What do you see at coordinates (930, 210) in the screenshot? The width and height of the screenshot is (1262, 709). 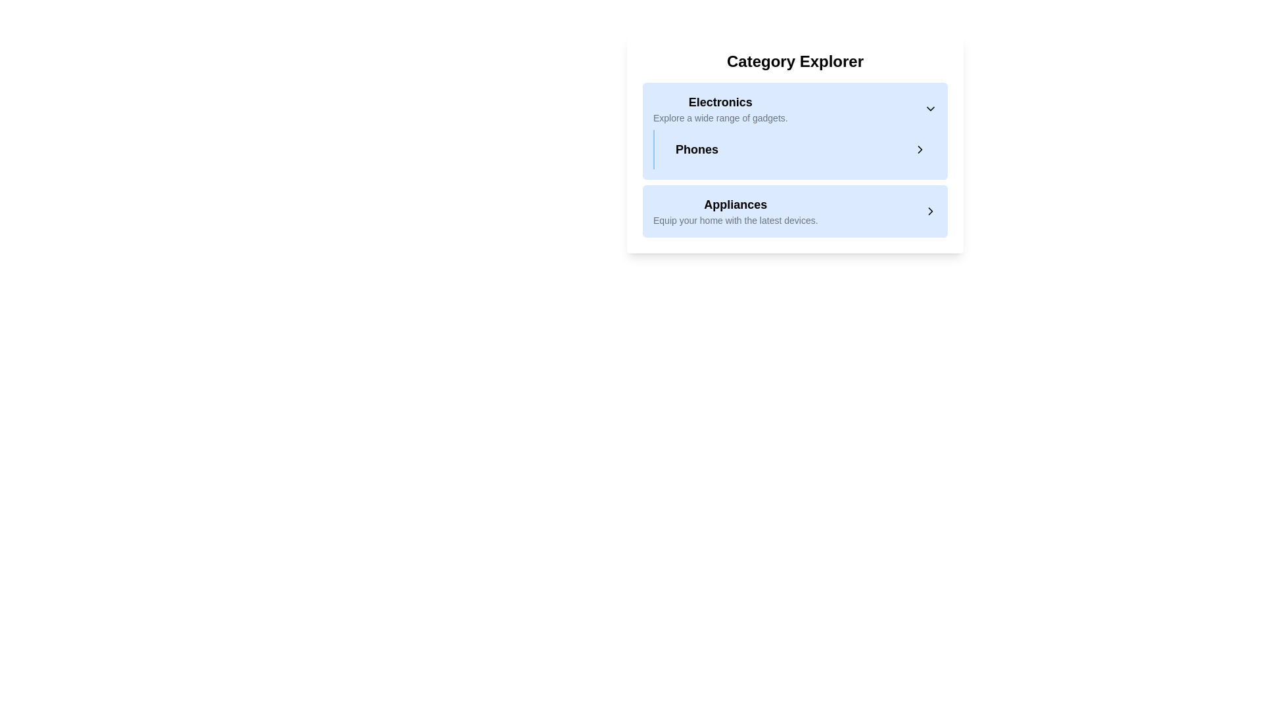 I see `the chevron right icon in the 'Appliances' section of the 'Category Explorer' interface to trigger any potential highlighting or tooltip display` at bounding box center [930, 210].